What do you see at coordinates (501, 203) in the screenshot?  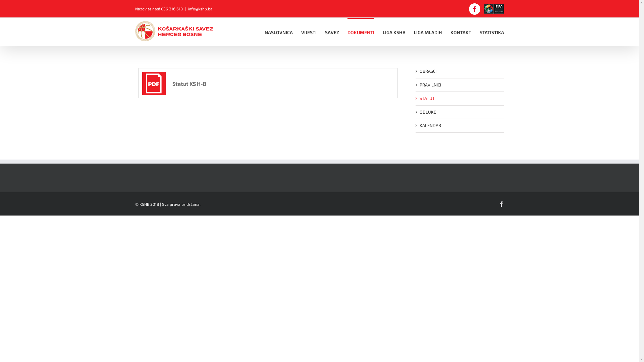 I see `'Facebook'` at bounding box center [501, 203].